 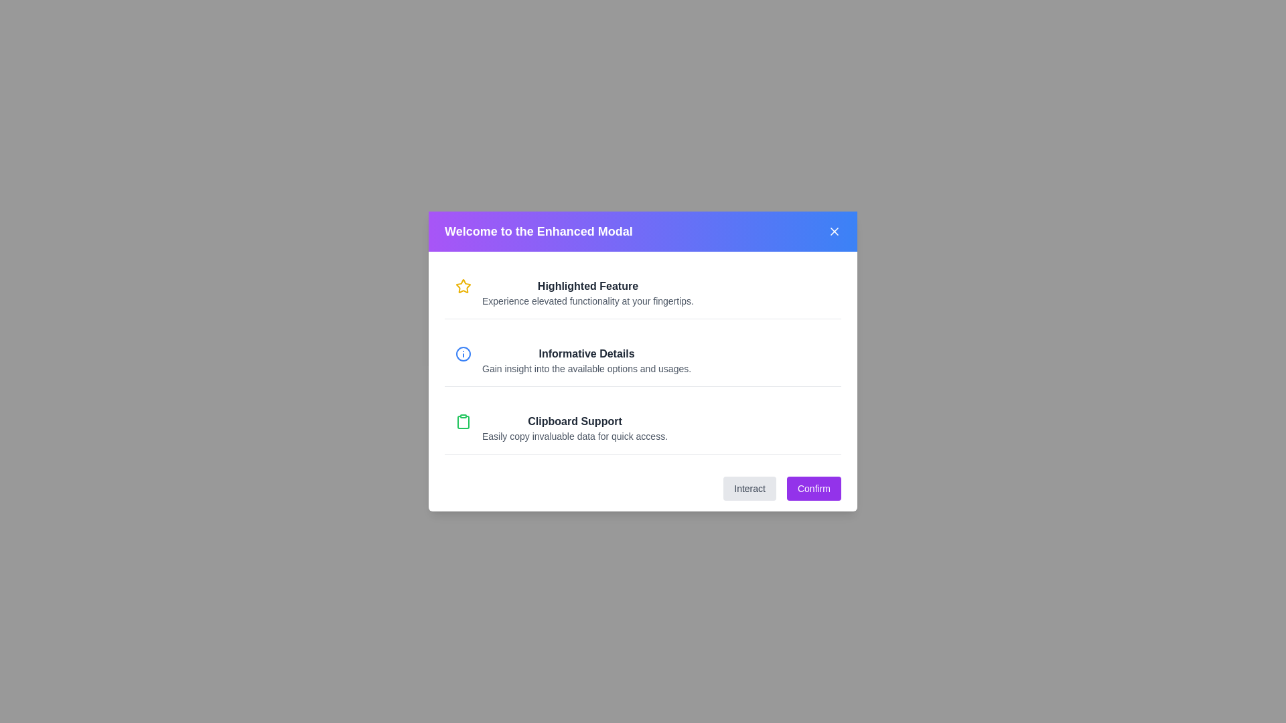 I want to click on the blue circular border with a white fill located centrally within the second row of the modal content, next to the 'Informative Details' label, so click(x=463, y=353).